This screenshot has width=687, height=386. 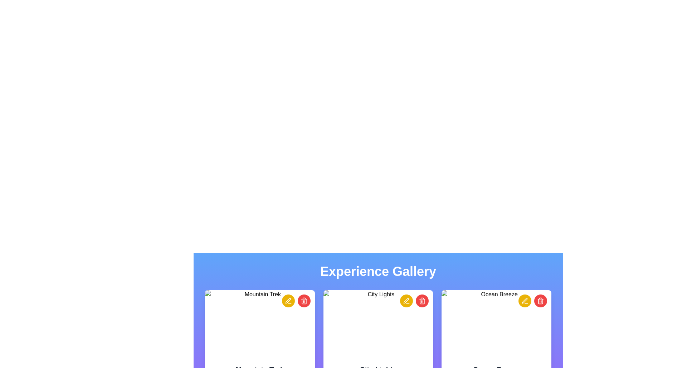 What do you see at coordinates (288, 301) in the screenshot?
I see `the pen icon button with a yellow background located in the top right corner of the 'Mountain Trek' card to trigger tooltip or animation effects` at bounding box center [288, 301].